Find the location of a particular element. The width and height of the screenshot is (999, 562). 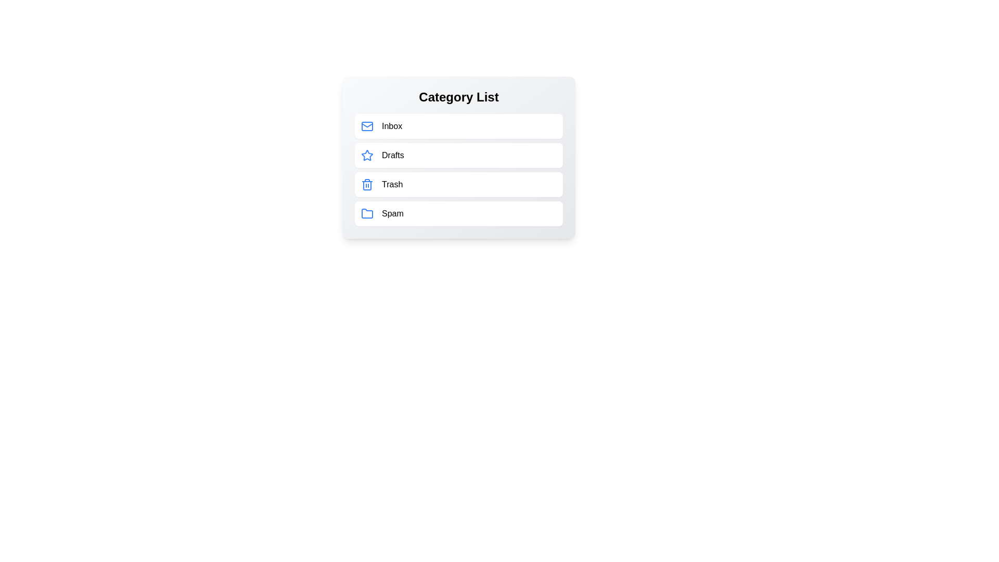

the category Drafts from the list is located at coordinates (458, 156).